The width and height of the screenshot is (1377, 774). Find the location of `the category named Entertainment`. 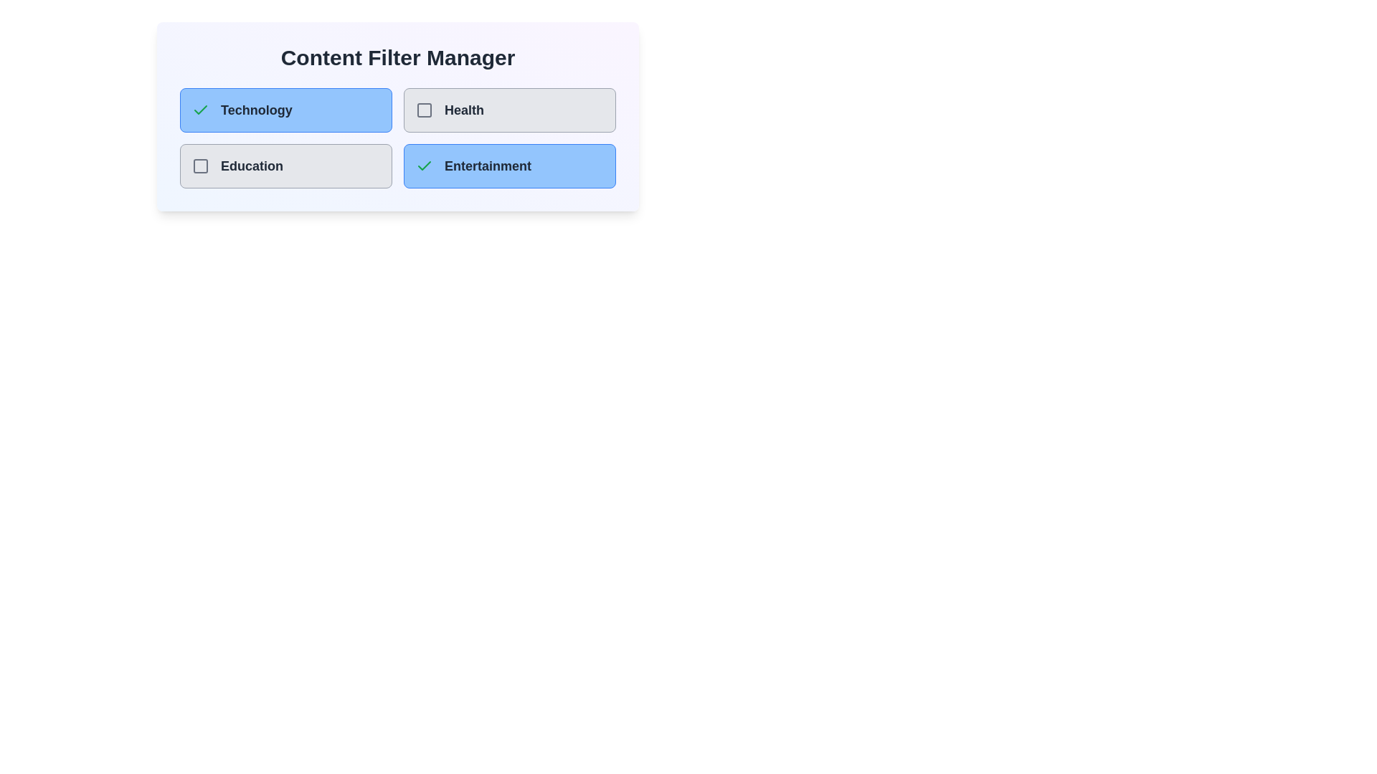

the category named Entertainment is located at coordinates (509, 165).